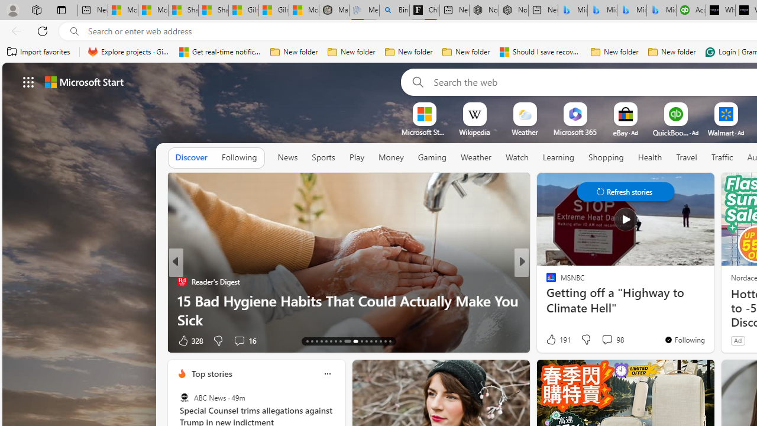 This screenshot has width=757, height=426. I want to click on 'Gaming', so click(431, 157).